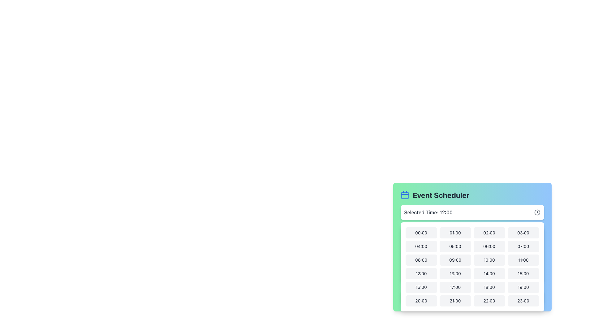 This screenshot has width=594, height=334. I want to click on the rectangular button with rounded corners labeled '08:00', so click(421, 260).